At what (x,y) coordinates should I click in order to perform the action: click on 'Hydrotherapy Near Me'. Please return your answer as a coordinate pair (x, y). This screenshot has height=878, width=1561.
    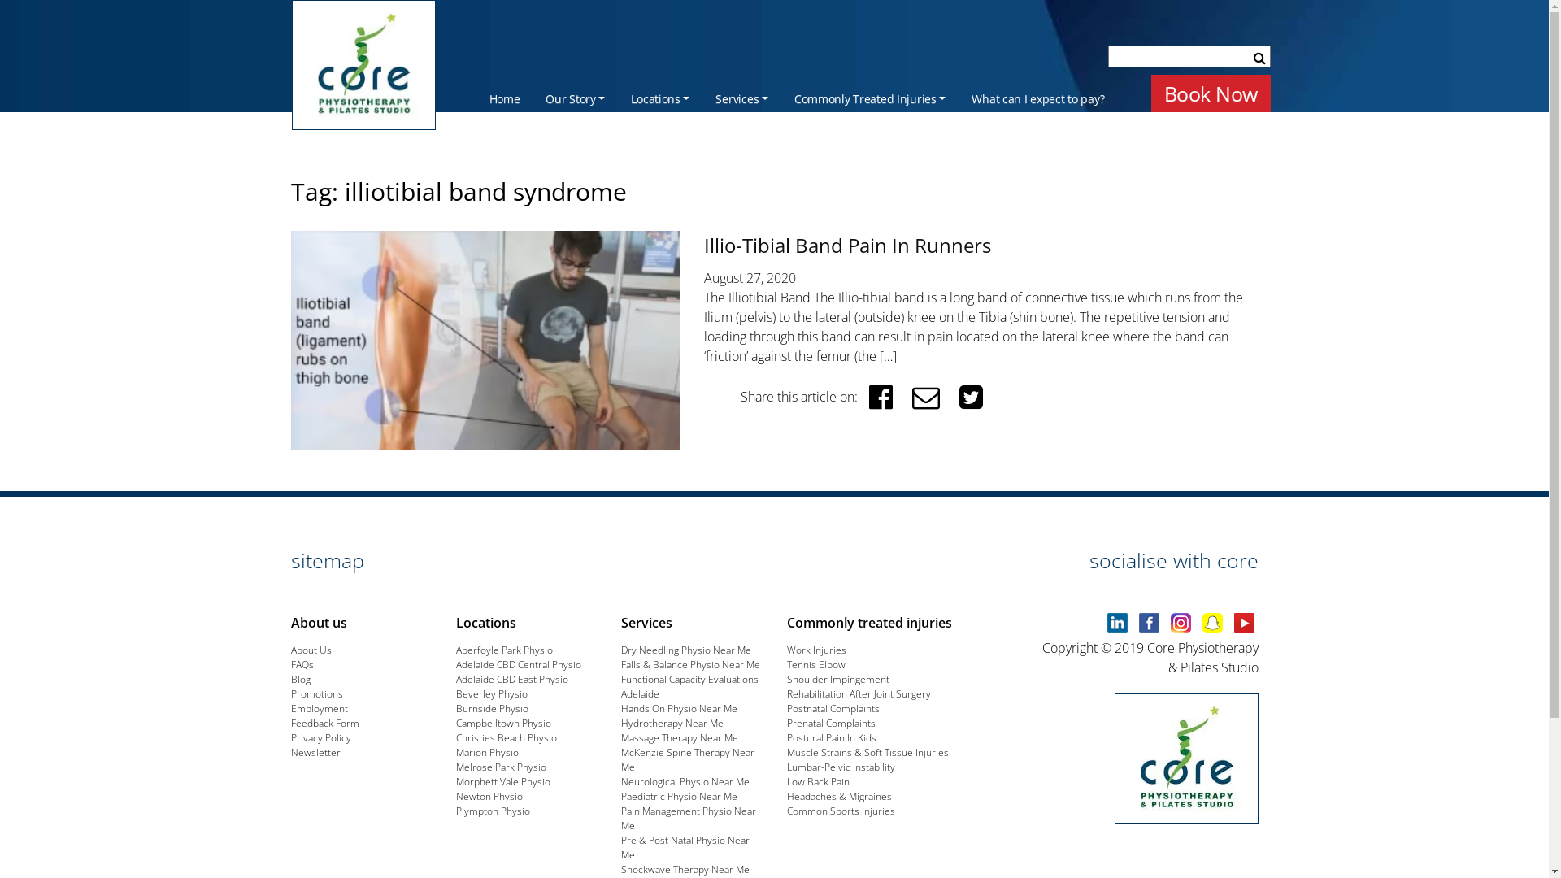
    Looking at the image, I should click on (672, 722).